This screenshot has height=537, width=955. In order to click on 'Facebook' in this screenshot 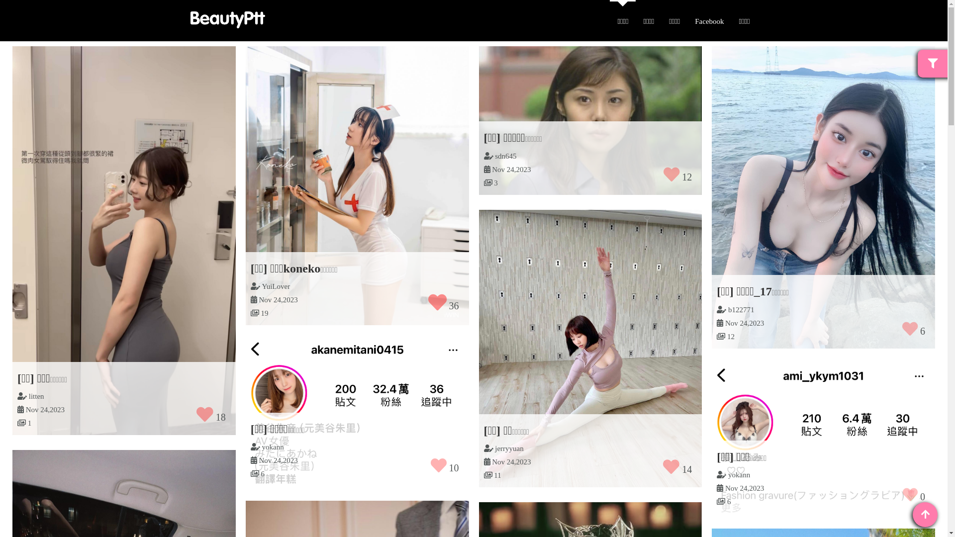, I will do `click(708, 20)`.